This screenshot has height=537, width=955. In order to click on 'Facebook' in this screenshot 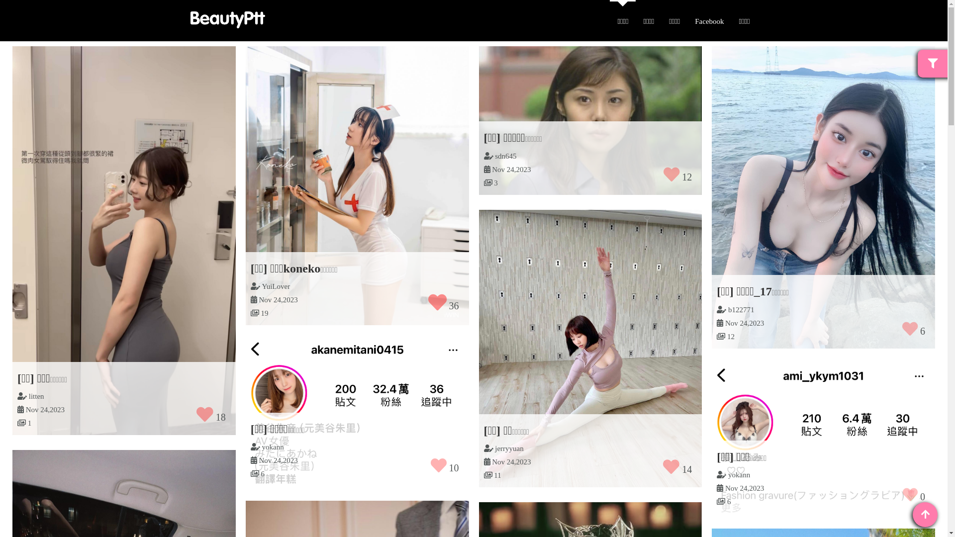, I will do `click(708, 20)`.